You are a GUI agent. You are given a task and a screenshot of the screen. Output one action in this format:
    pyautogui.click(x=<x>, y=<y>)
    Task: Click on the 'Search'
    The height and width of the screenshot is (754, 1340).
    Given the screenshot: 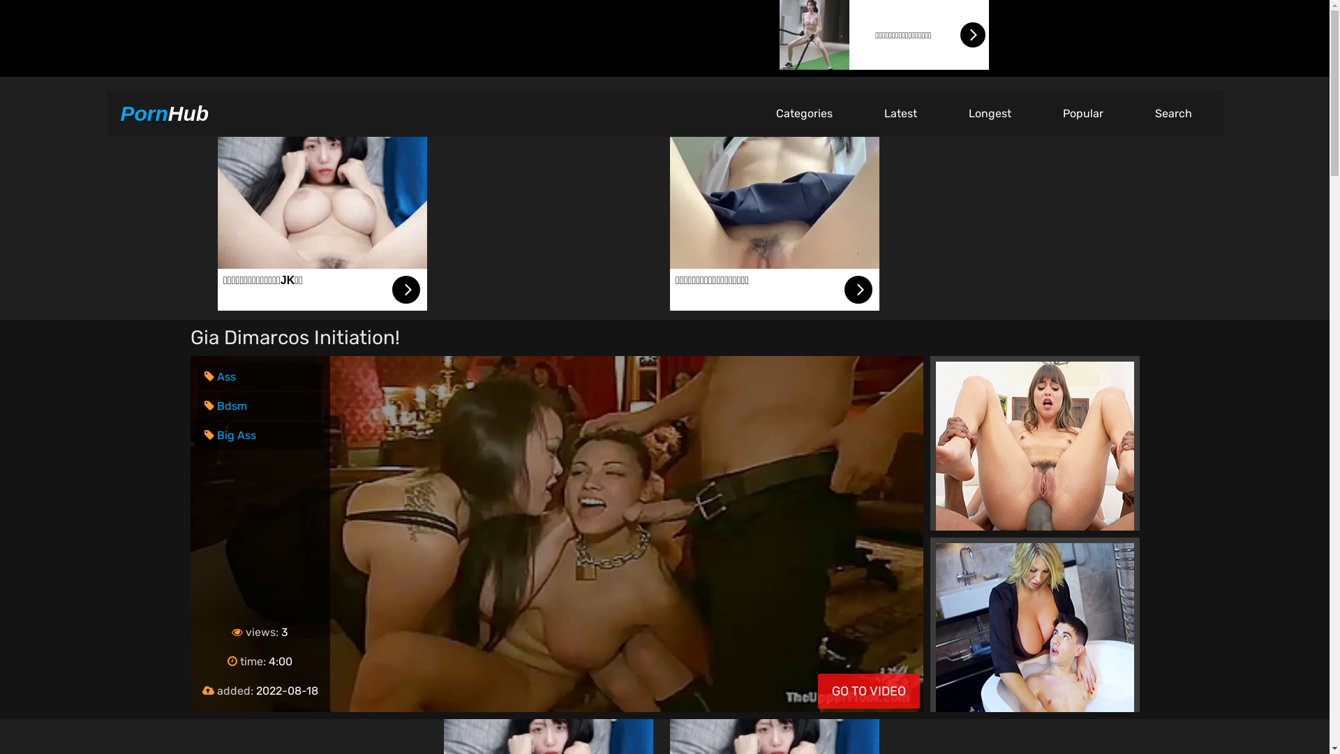 What is the action you would take?
    pyautogui.click(x=1172, y=112)
    